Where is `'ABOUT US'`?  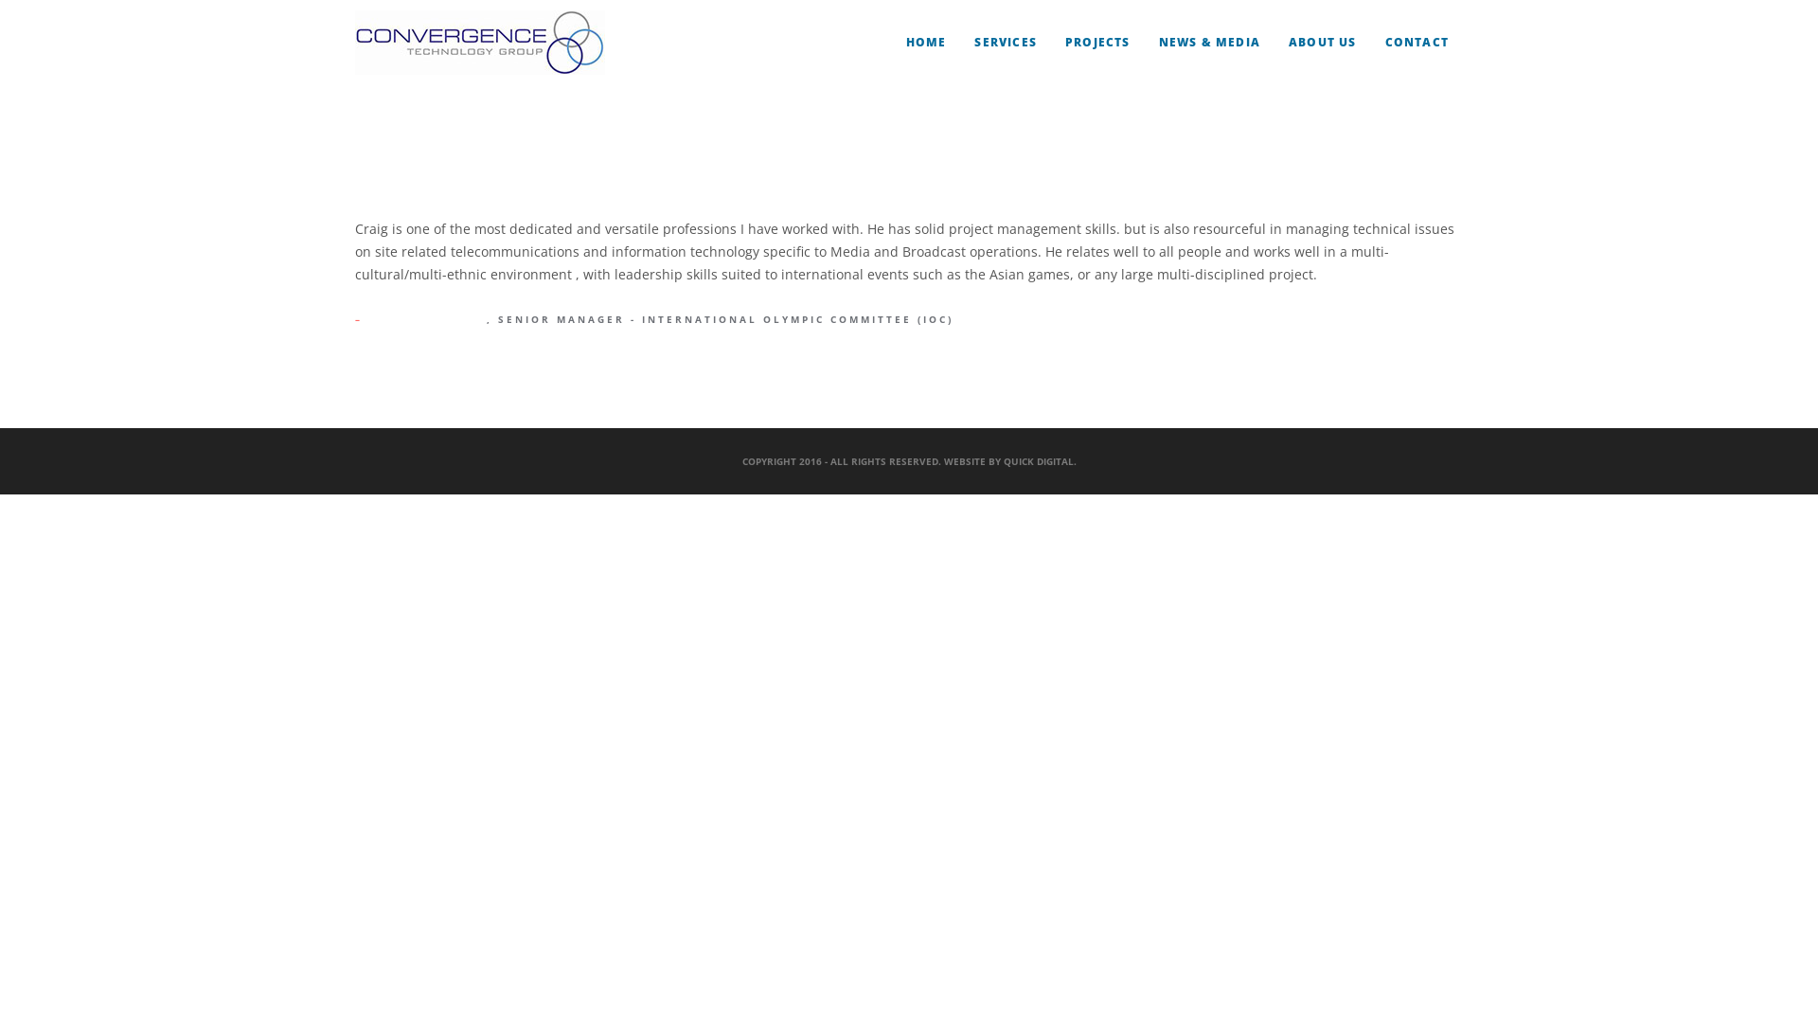
'ABOUT US' is located at coordinates (1288, 43).